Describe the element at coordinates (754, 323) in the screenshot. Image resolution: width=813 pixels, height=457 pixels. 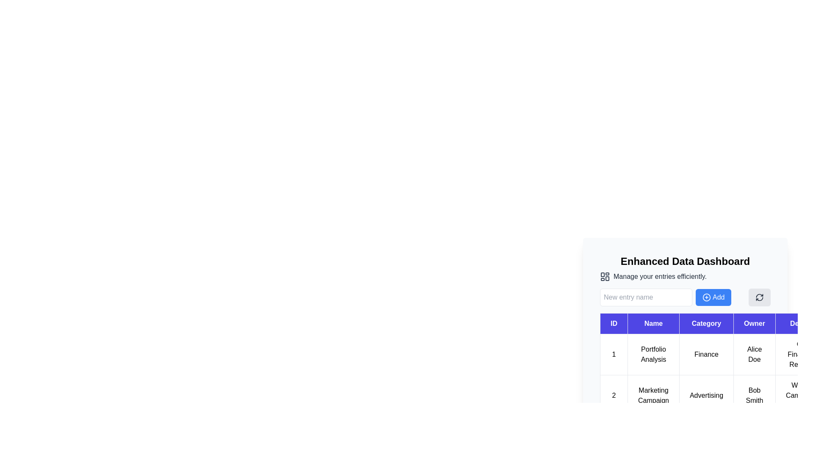
I see `the fourth table header cell labeled 'Owner', which is positioned between 'Category'` at that location.